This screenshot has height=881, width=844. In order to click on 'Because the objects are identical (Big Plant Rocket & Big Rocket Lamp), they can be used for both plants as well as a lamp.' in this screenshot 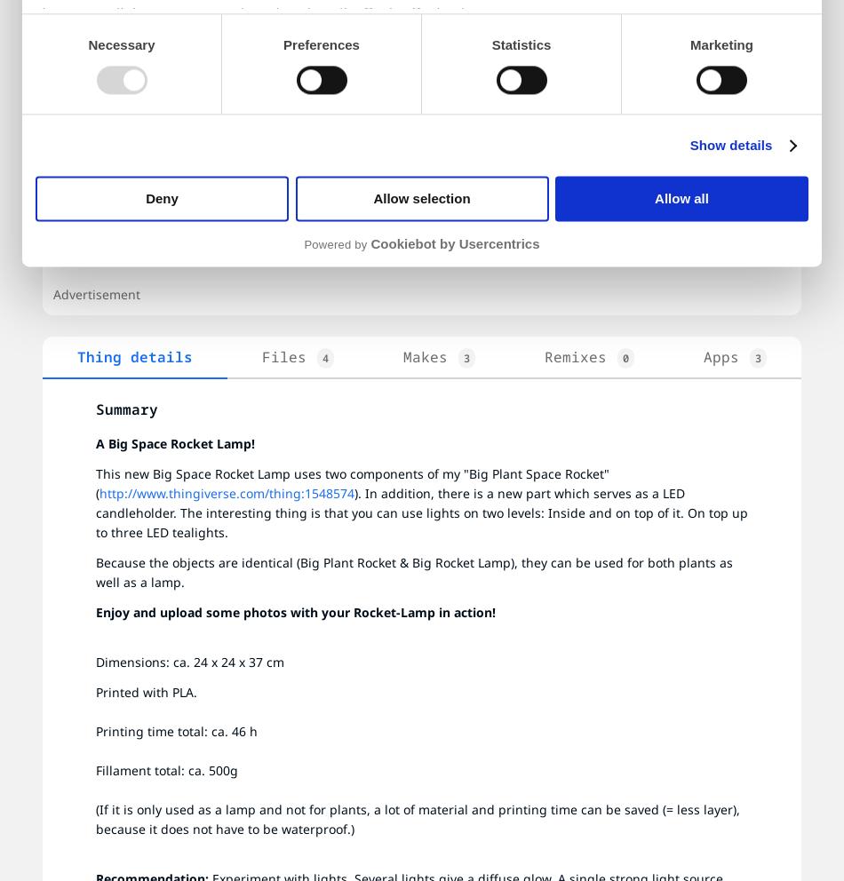, I will do `click(415, 572)`.